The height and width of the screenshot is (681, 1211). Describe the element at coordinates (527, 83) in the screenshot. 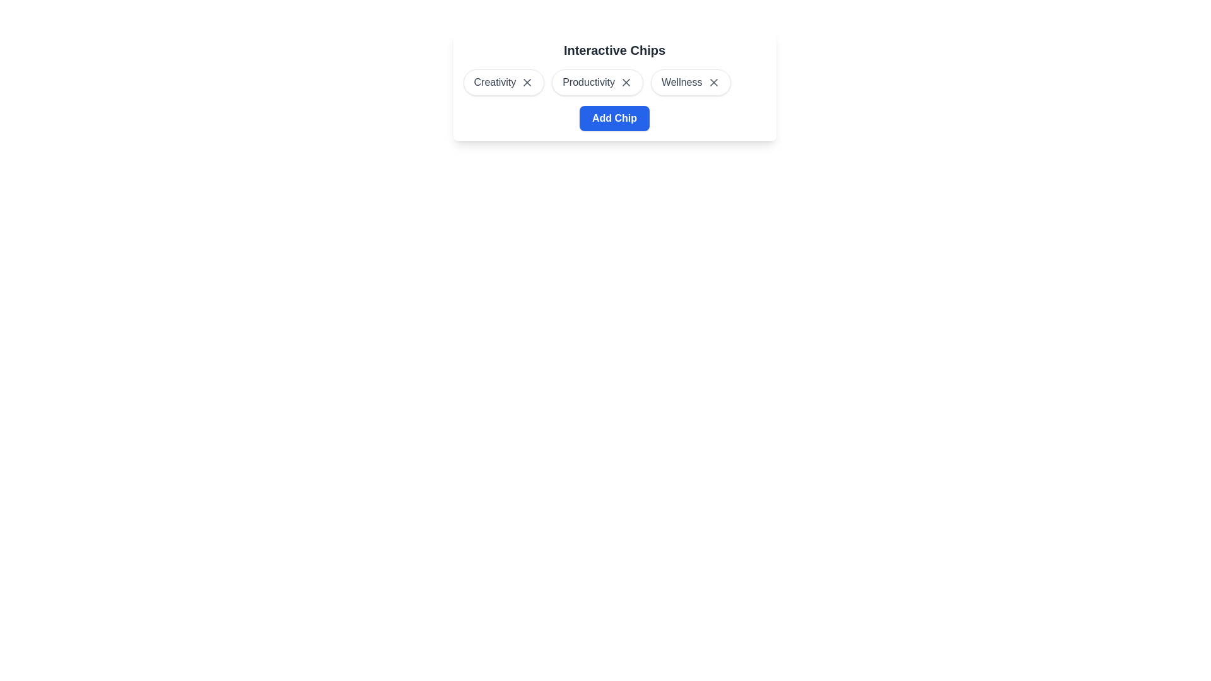

I see `the interactive icon button resembling an 'X' on the right side of the 'Creativity' chip` at that location.